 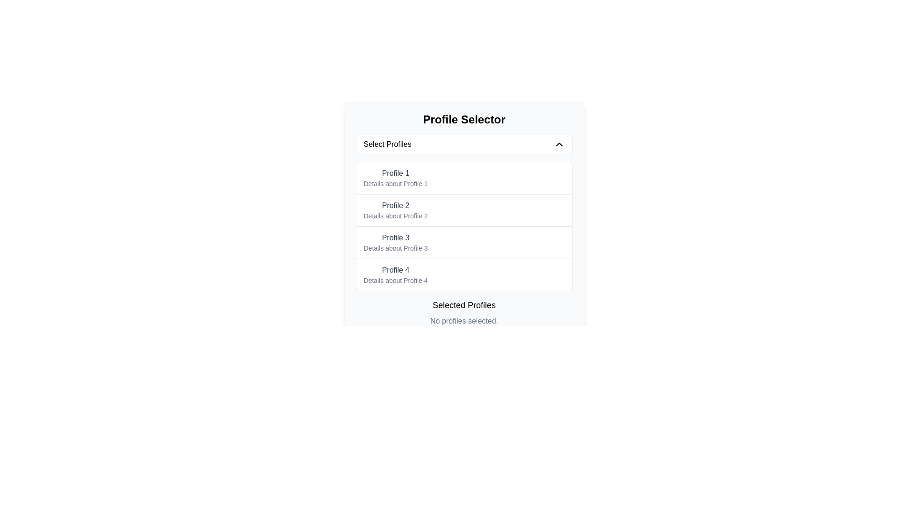 I want to click on the Label that serves as a descriptive heading for the list of selected profiles, which is positioned above 'No profiles selected.' and below the list of selectable profiles, so click(x=464, y=305).